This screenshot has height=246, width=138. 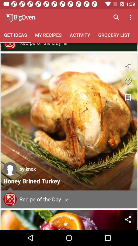 I want to click on read comments, so click(x=10, y=199).